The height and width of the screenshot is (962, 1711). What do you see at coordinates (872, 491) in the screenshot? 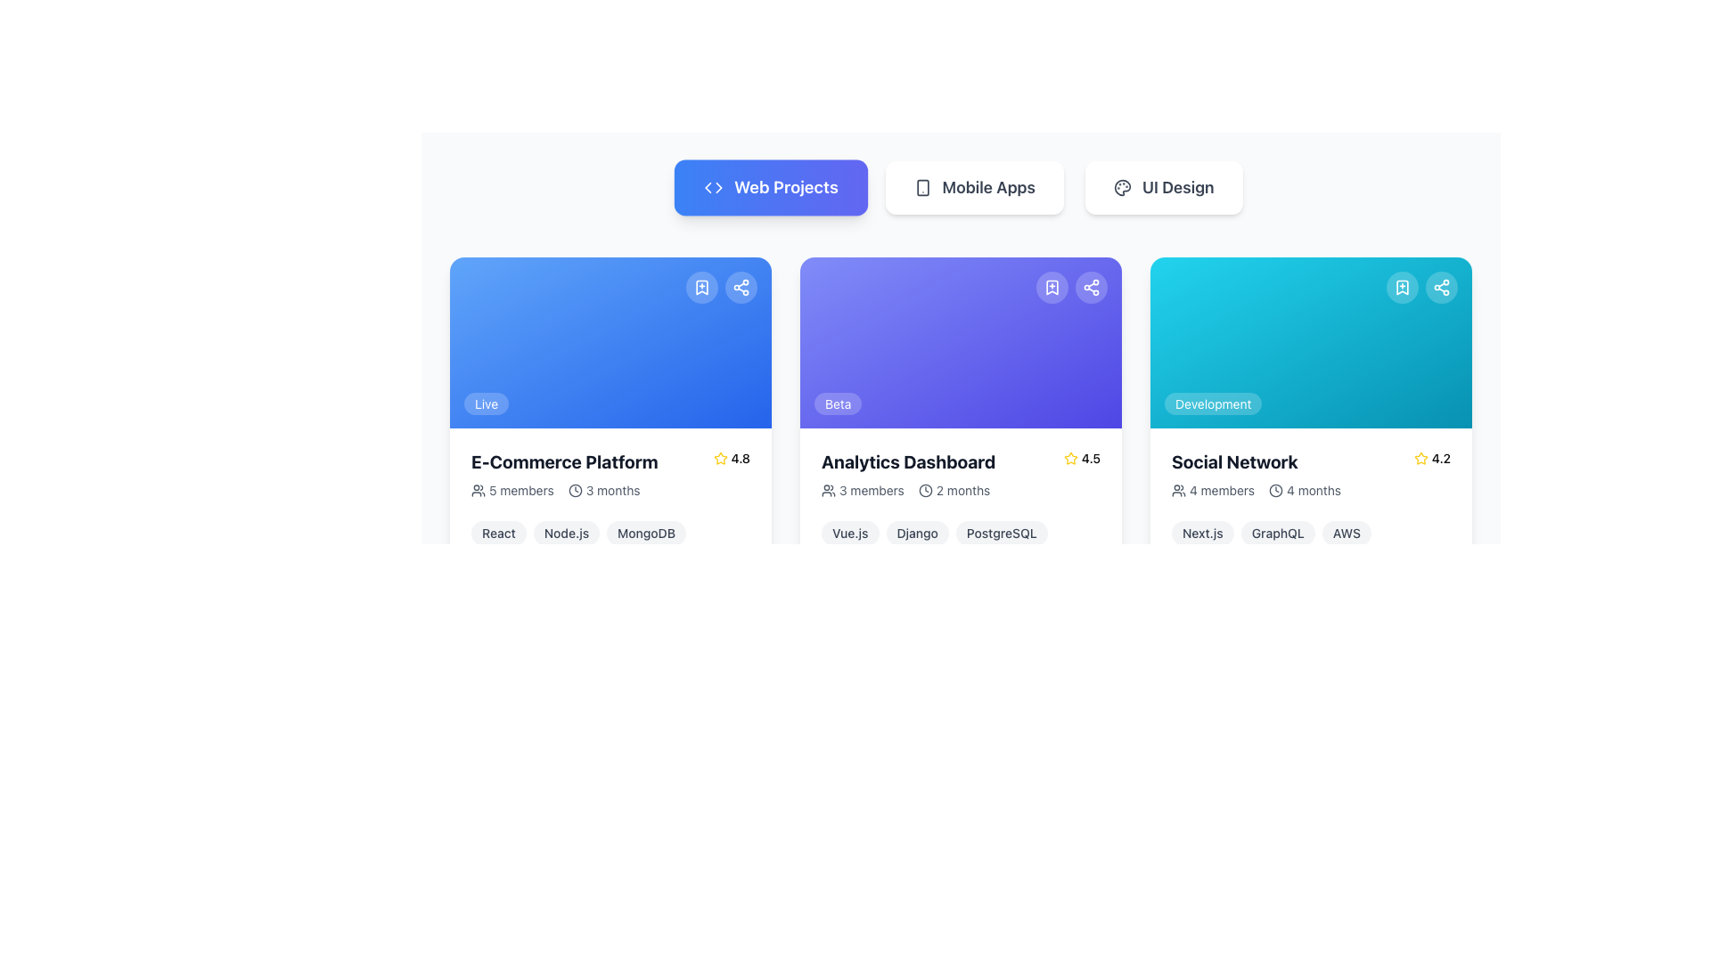
I see `the informational text label indicating the number of members associated with the project, located below the title 'Analytics Dashboard' and above the duration information '2 months'` at bounding box center [872, 491].